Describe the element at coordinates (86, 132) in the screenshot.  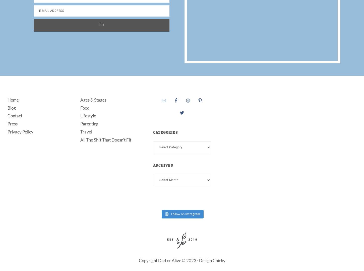
I see `'Travel'` at that location.